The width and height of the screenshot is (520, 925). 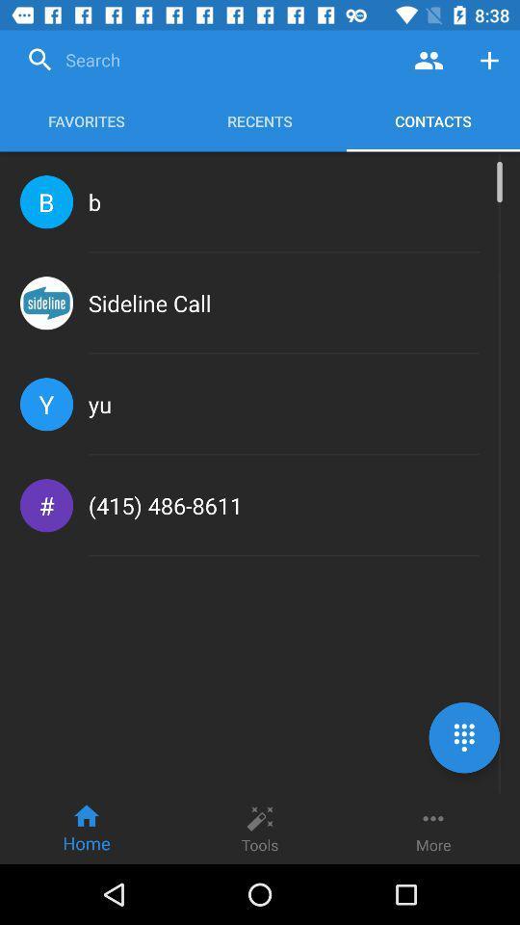 What do you see at coordinates (463, 736) in the screenshot?
I see `open keypad` at bounding box center [463, 736].